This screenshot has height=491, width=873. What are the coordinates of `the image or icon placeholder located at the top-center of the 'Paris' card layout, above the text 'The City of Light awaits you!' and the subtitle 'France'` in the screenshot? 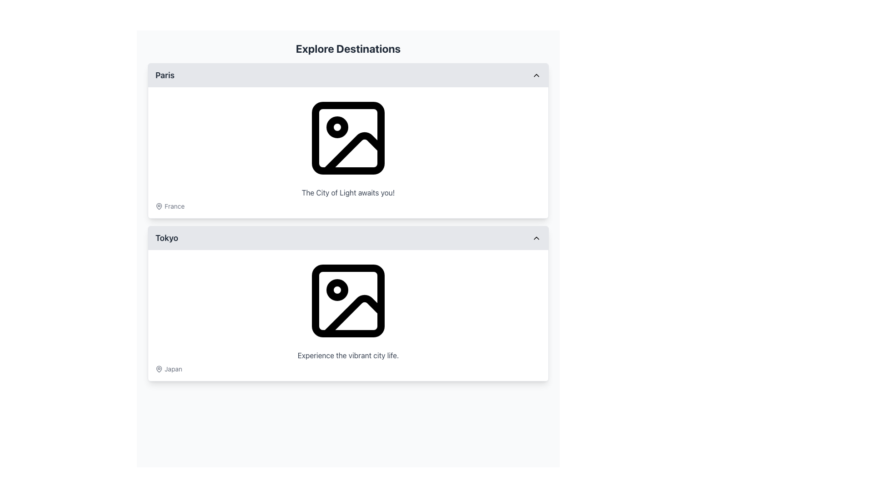 It's located at (348, 138).